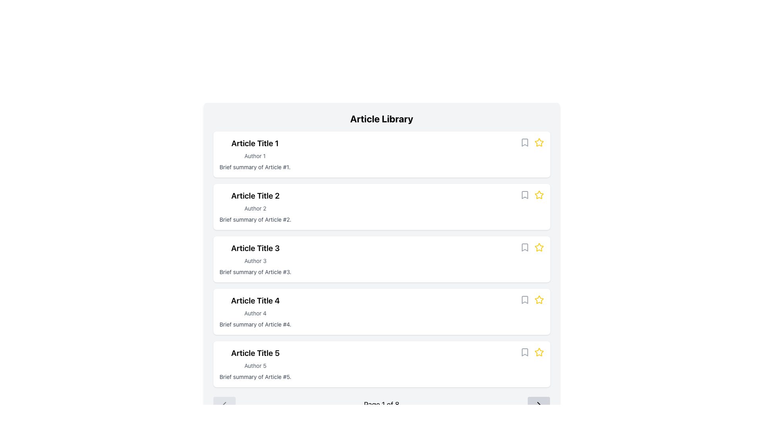 The image size is (763, 429). I want to click on and drop the yellow star-shaped icon, which serves as a rating or favorite button, located in the right-hand area of the fifth content block for reordering or grouping, so click(539, 300).